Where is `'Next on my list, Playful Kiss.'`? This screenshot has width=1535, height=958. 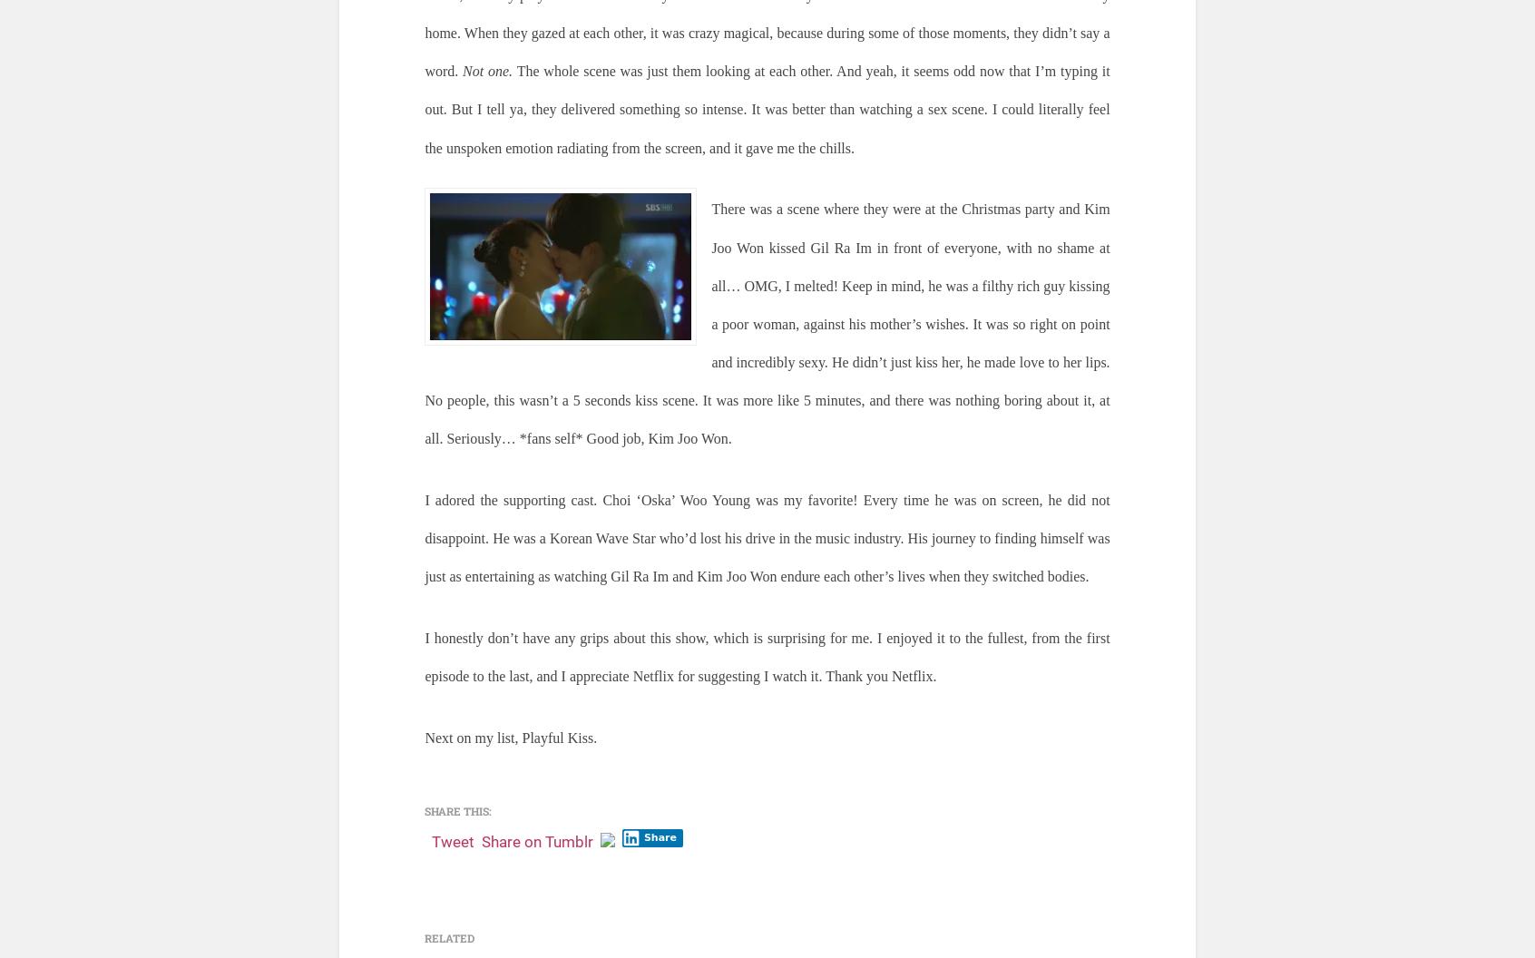 'Next on my list, Playful Kiss.' is located at coordinates (510, 737).